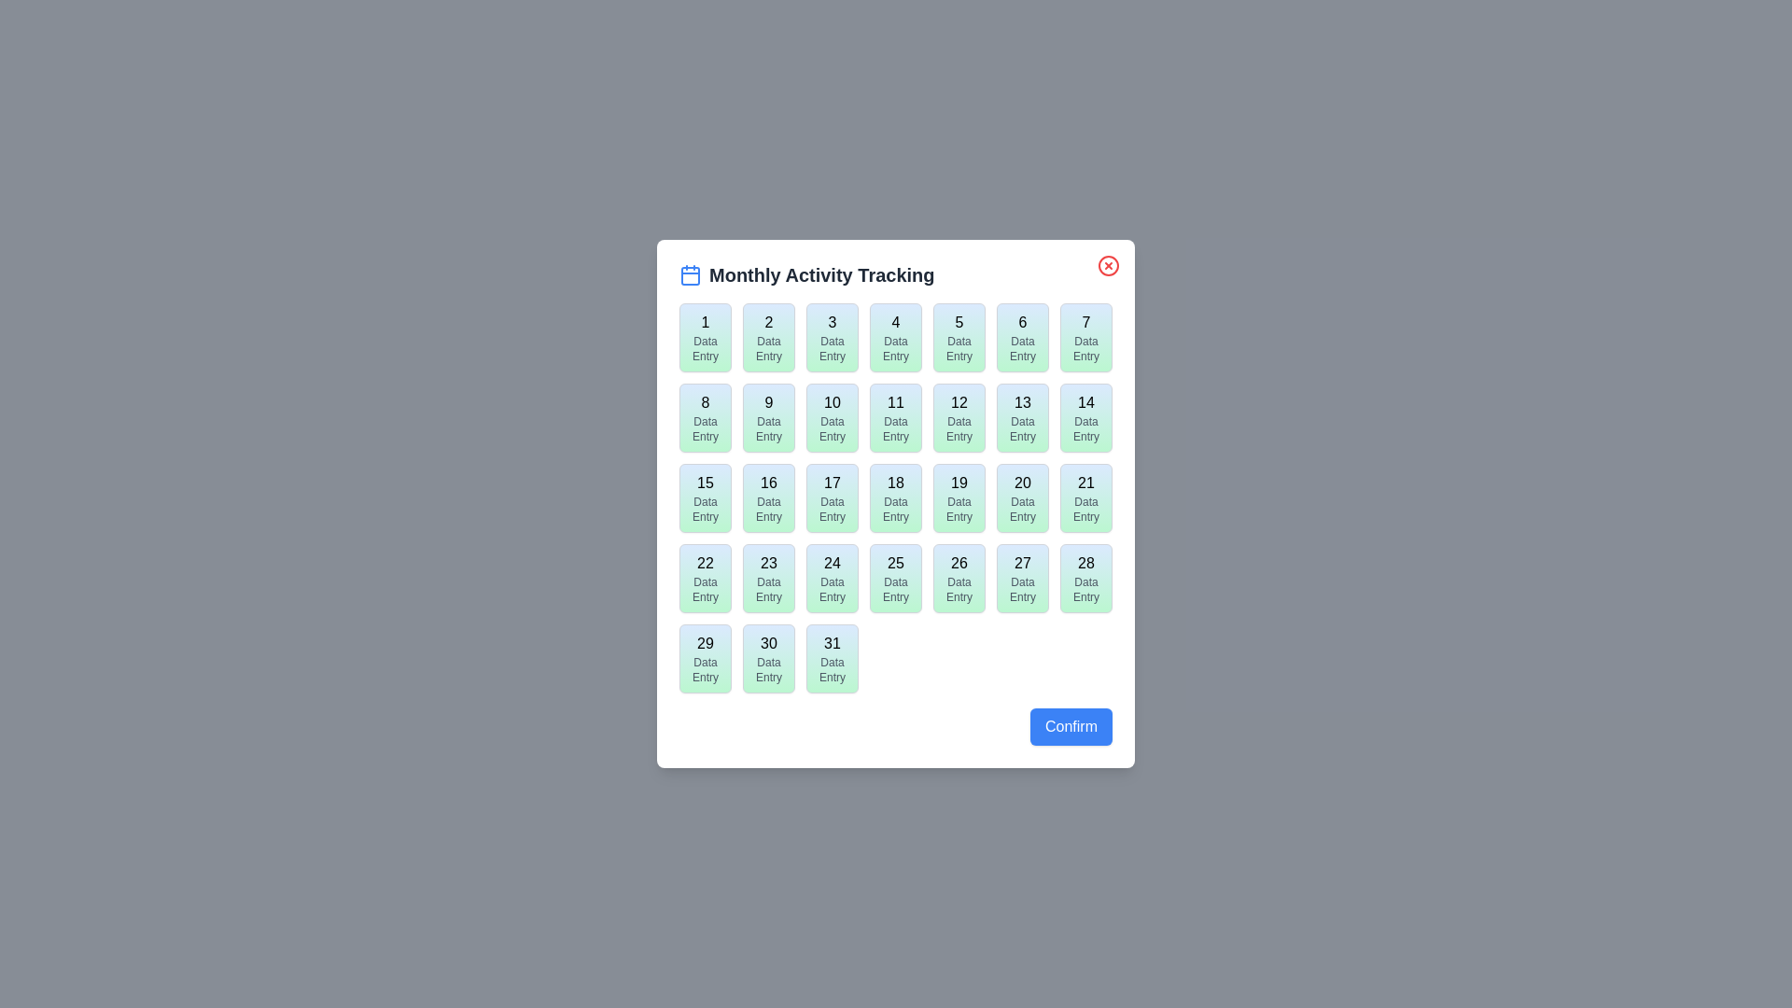 This screenshot has height=1008, width=1792. What do you see at coordinates (466, 466) in the screenshot?
I see `the background outside the dialog box to test for dismissal` at bounding box center [466, 466].